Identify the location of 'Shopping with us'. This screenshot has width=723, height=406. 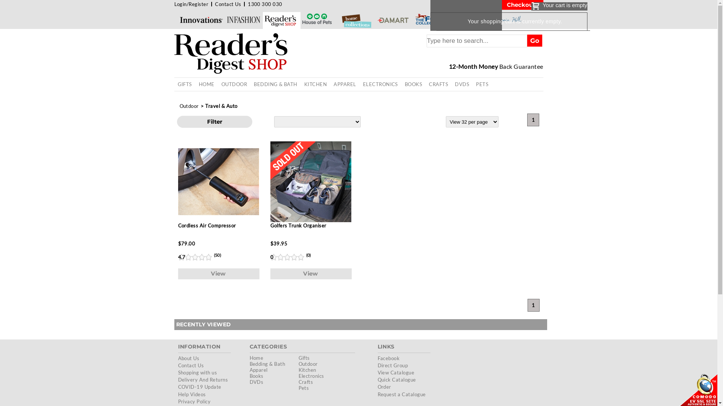
(177, 373).